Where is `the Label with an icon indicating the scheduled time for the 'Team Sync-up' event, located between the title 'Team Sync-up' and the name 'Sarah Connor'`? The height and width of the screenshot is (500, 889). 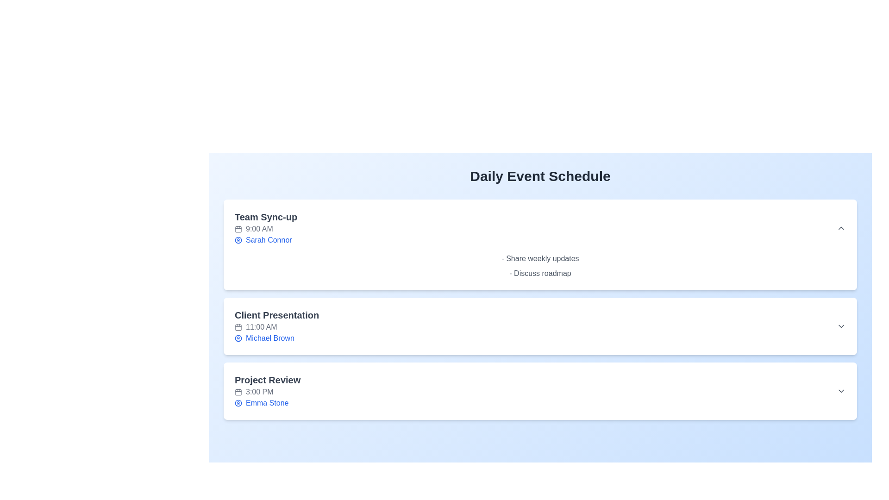
the Label with an icon indicating the scheduled time for the 'Team Sync-up' event, located between the title 'Team Sync-up' and the name 'Sarah Connor' is located at coordinates (265, 229).